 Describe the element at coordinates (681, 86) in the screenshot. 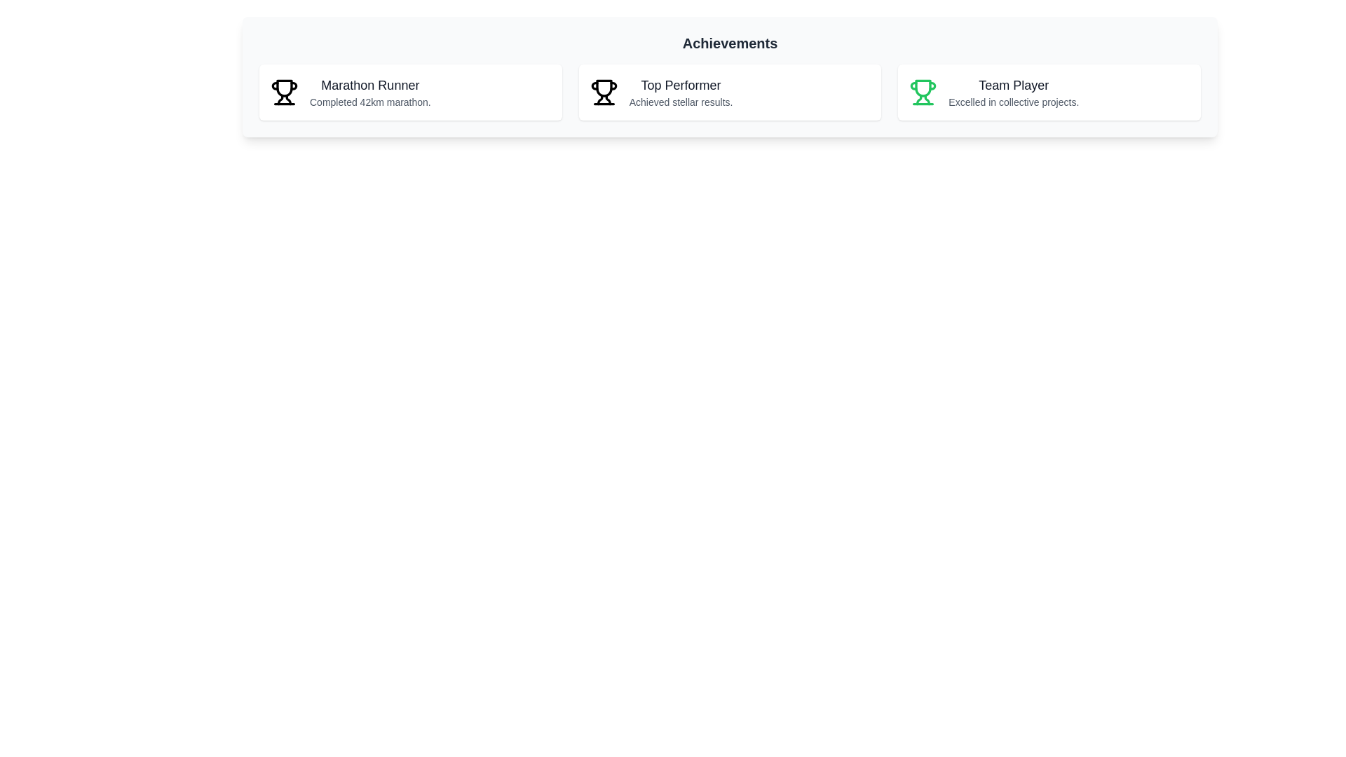

I see `the 'Top Performer' text label, which is displayed in large, bold, medium gray text and located at the top-center of the middle card in a three-card layout of achievements` at that location.